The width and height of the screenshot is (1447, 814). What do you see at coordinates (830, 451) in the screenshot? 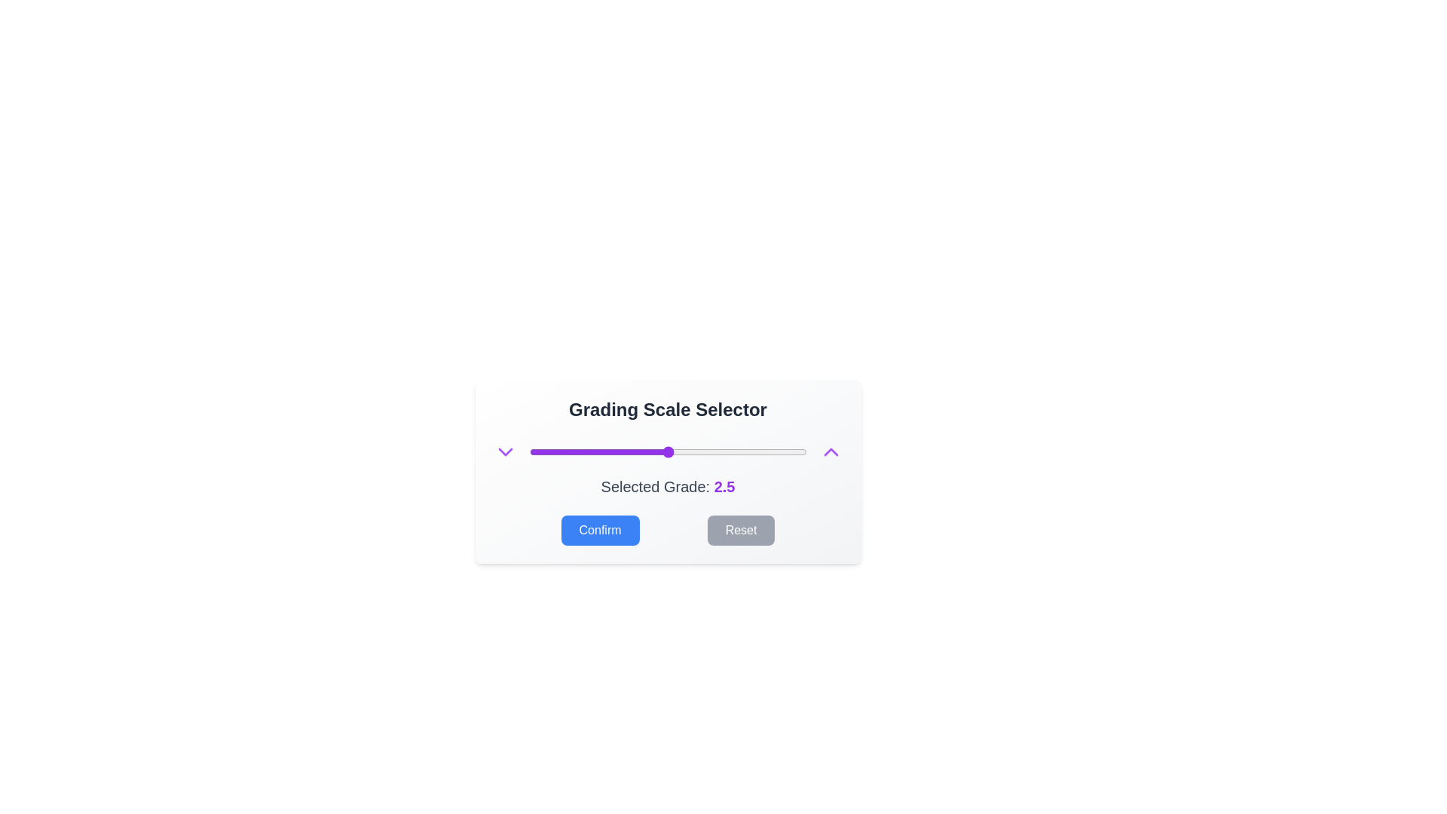
I see `the ChevronUp icon to increase the grade` at bounding box center [830, 451].